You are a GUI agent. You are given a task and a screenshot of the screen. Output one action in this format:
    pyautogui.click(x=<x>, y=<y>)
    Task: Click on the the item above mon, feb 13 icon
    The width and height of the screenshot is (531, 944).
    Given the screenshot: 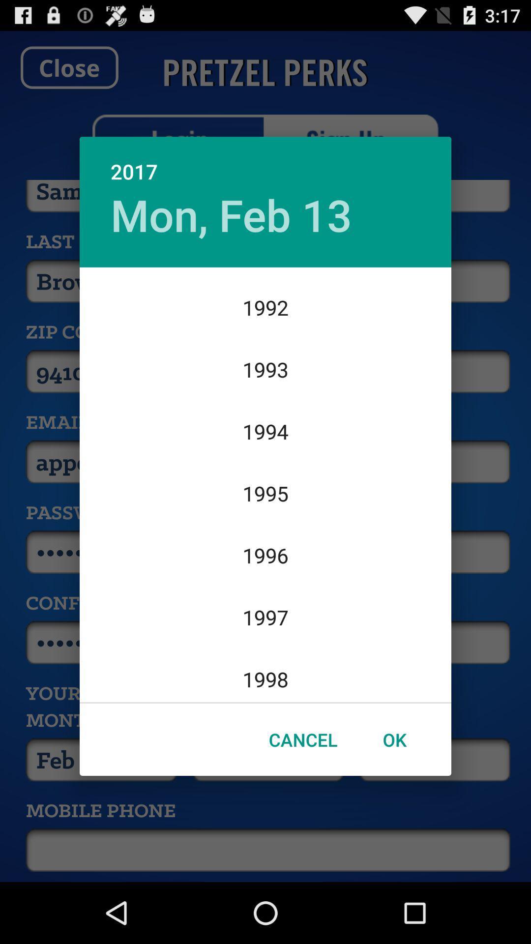 What is the action you would take?
    pyautogui.click(x=265, y=161)
    